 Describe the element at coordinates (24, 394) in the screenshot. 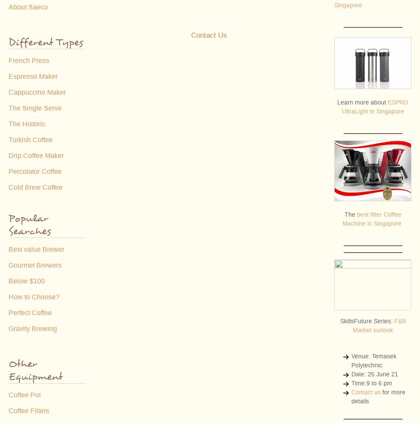

I see `'Coffee Pot'` at that location.